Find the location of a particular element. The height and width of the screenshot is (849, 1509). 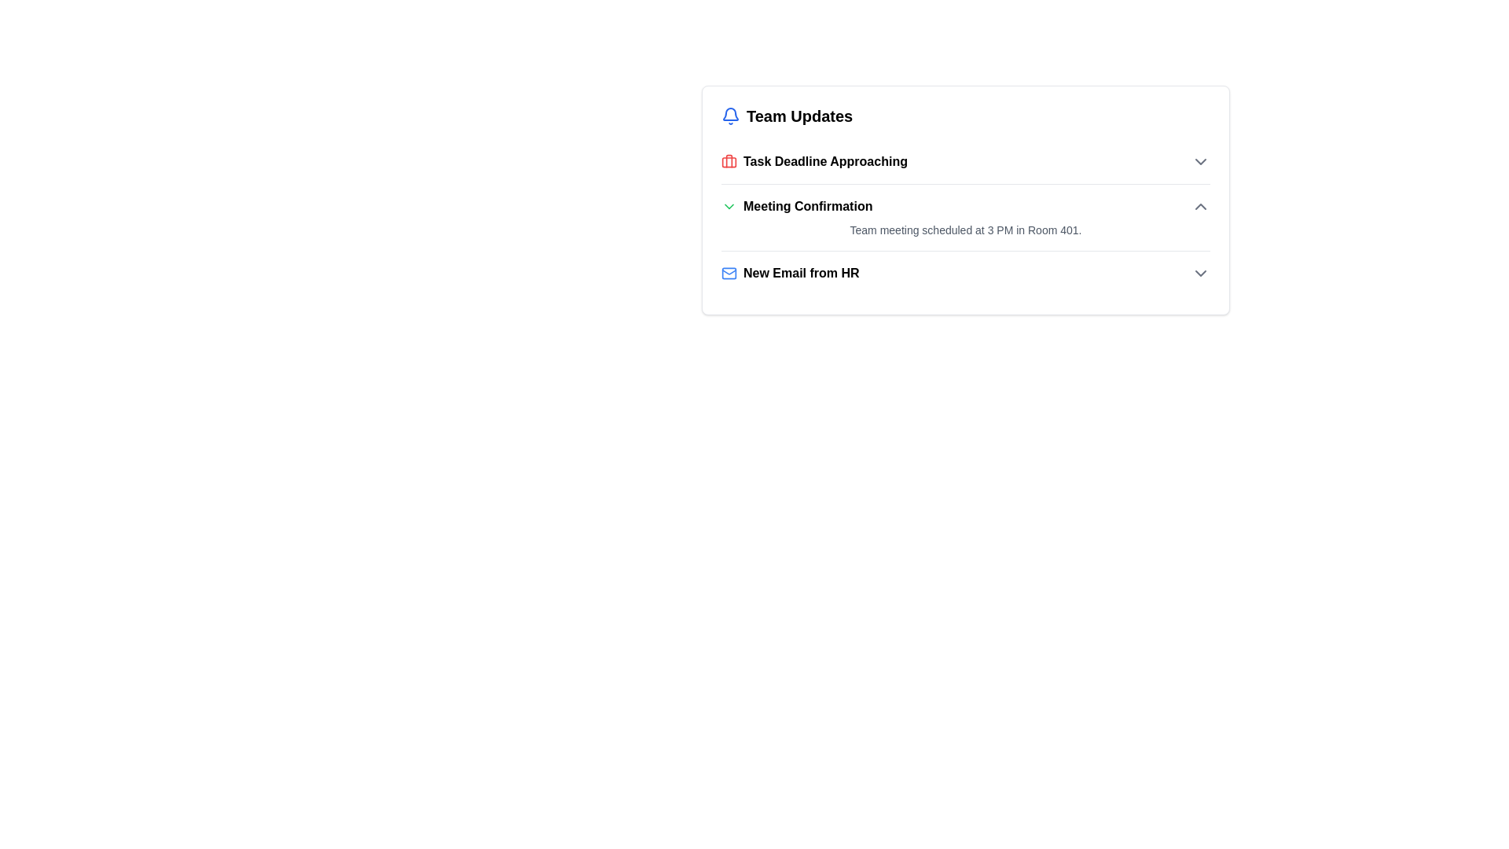

the icon representing the task deadline, which is positioned to the left of the text 'Task Deadline Approaching' is located at coordinates (728, 161).